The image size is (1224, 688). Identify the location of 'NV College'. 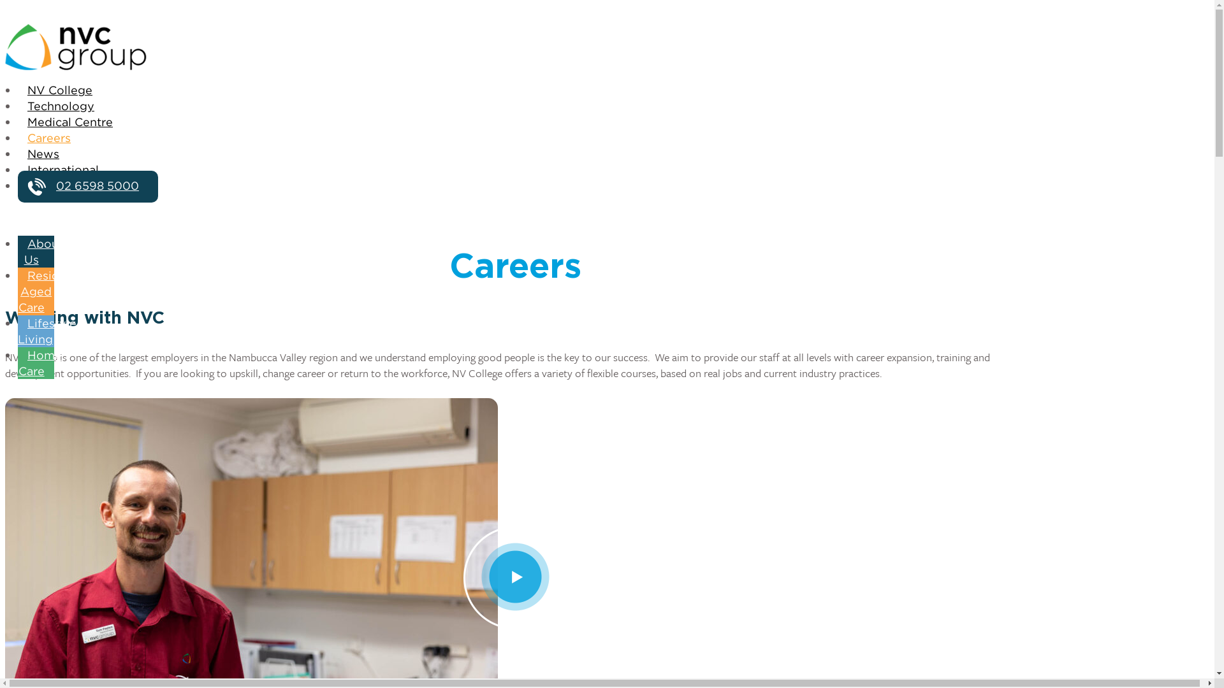
(59, 90).